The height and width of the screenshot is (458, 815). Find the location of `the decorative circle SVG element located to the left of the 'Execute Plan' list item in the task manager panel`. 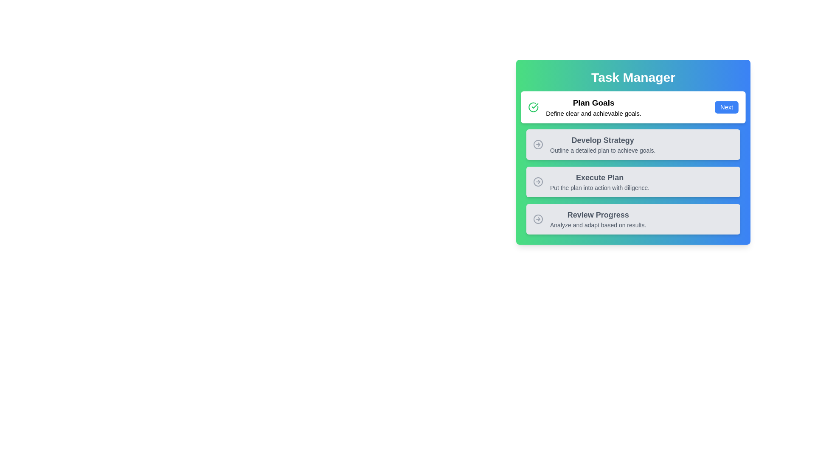

the decorative circle SVG element located to the left of the 'Execute Plan' list item in the task manager panel is located at coordinates (537, 181).